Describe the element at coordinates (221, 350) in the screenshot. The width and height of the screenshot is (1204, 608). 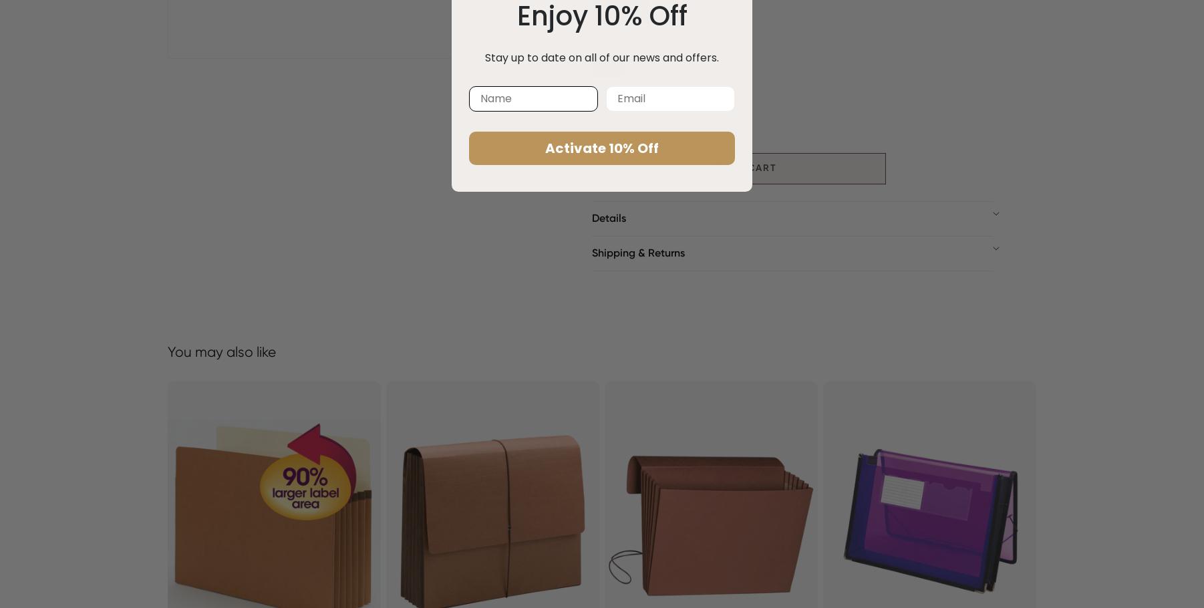
I see `'You may also like'` at that location.